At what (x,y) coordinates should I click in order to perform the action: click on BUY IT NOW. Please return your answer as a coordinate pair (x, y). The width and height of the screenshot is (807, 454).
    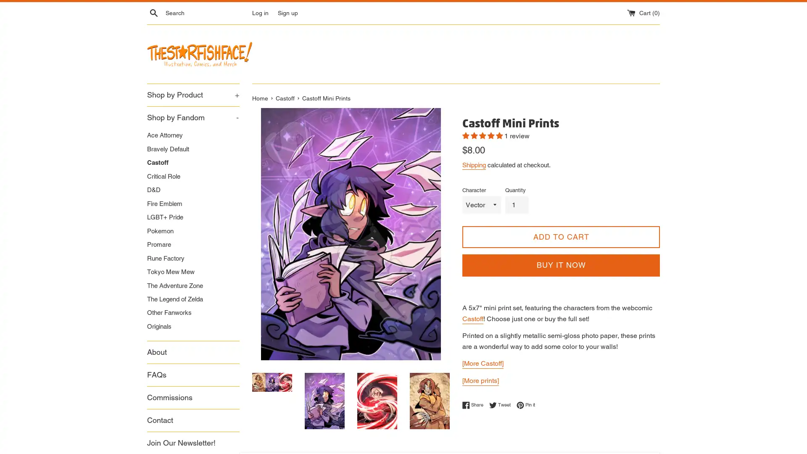
    Looking at the image, I should click on (561, 265).